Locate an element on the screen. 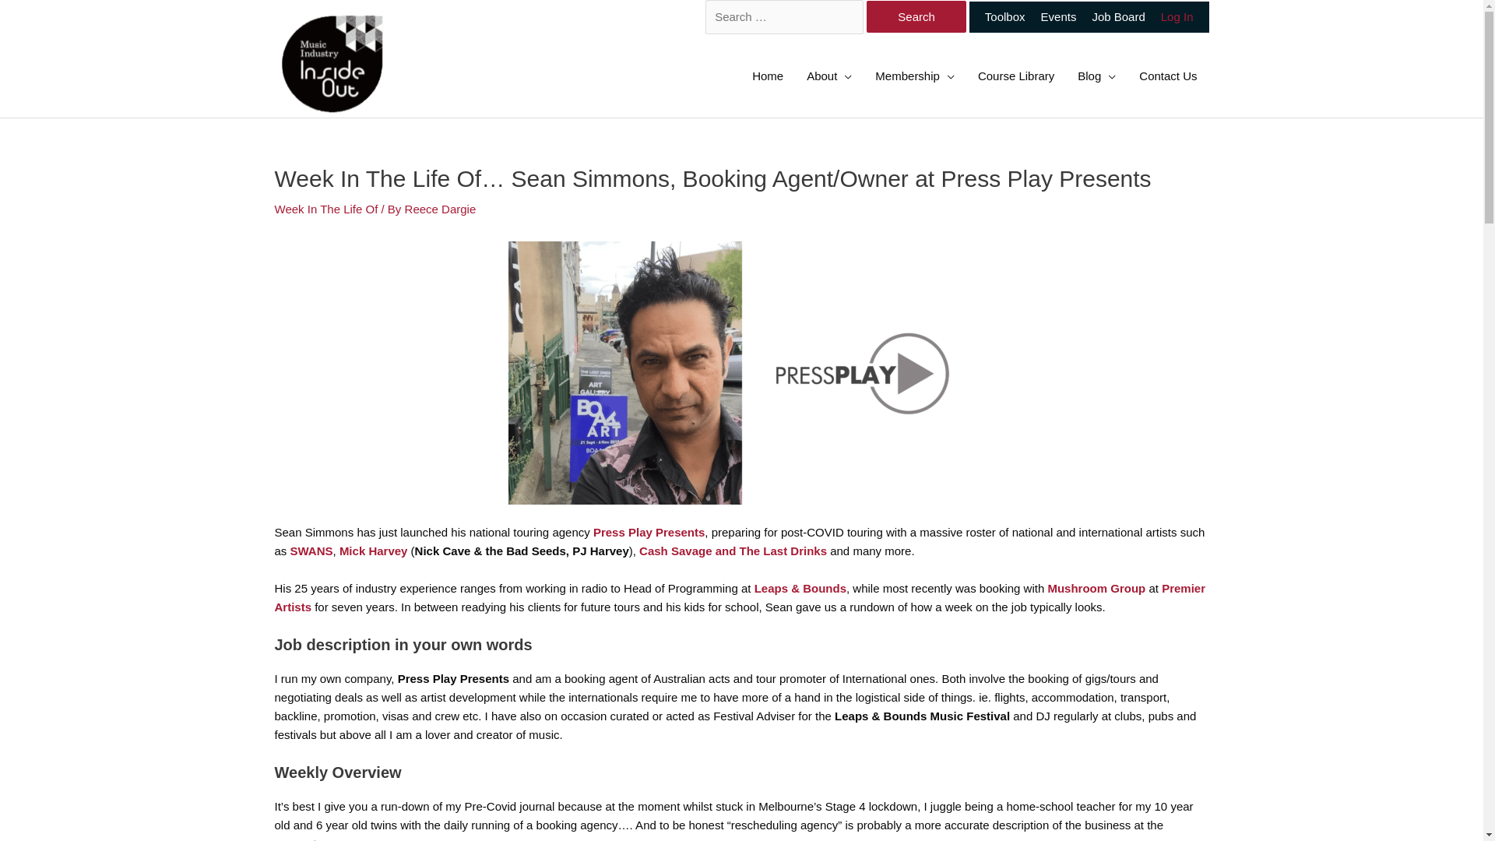 The width and height of the screenshot is (1495, 841). 'Toolbox' is located at coordinates (997, 17).